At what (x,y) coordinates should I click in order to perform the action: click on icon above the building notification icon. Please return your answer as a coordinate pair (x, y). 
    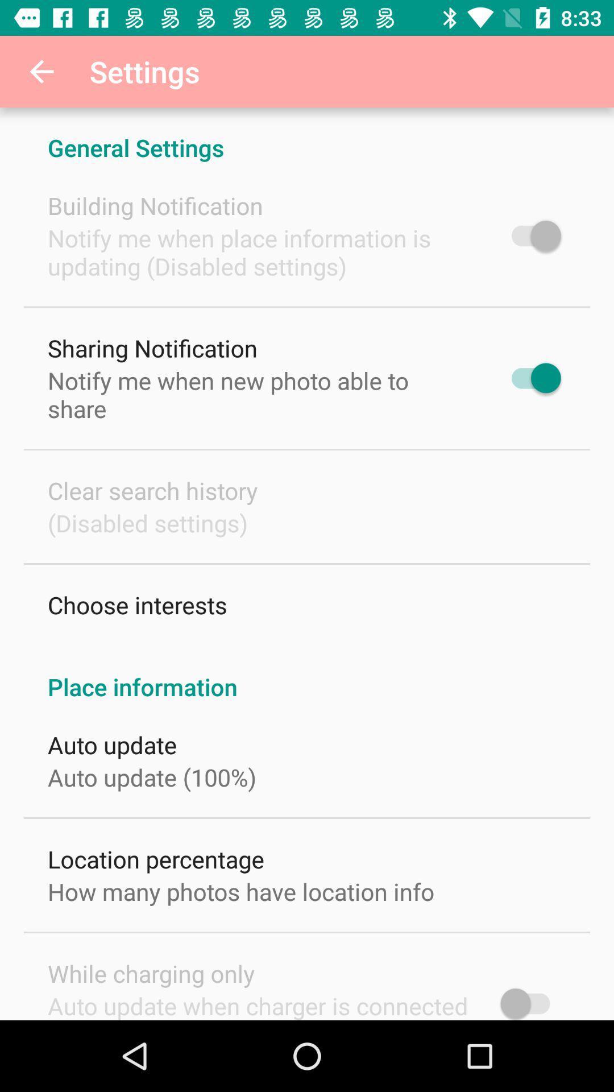
    Looking at the image, I should click on (307, 135).